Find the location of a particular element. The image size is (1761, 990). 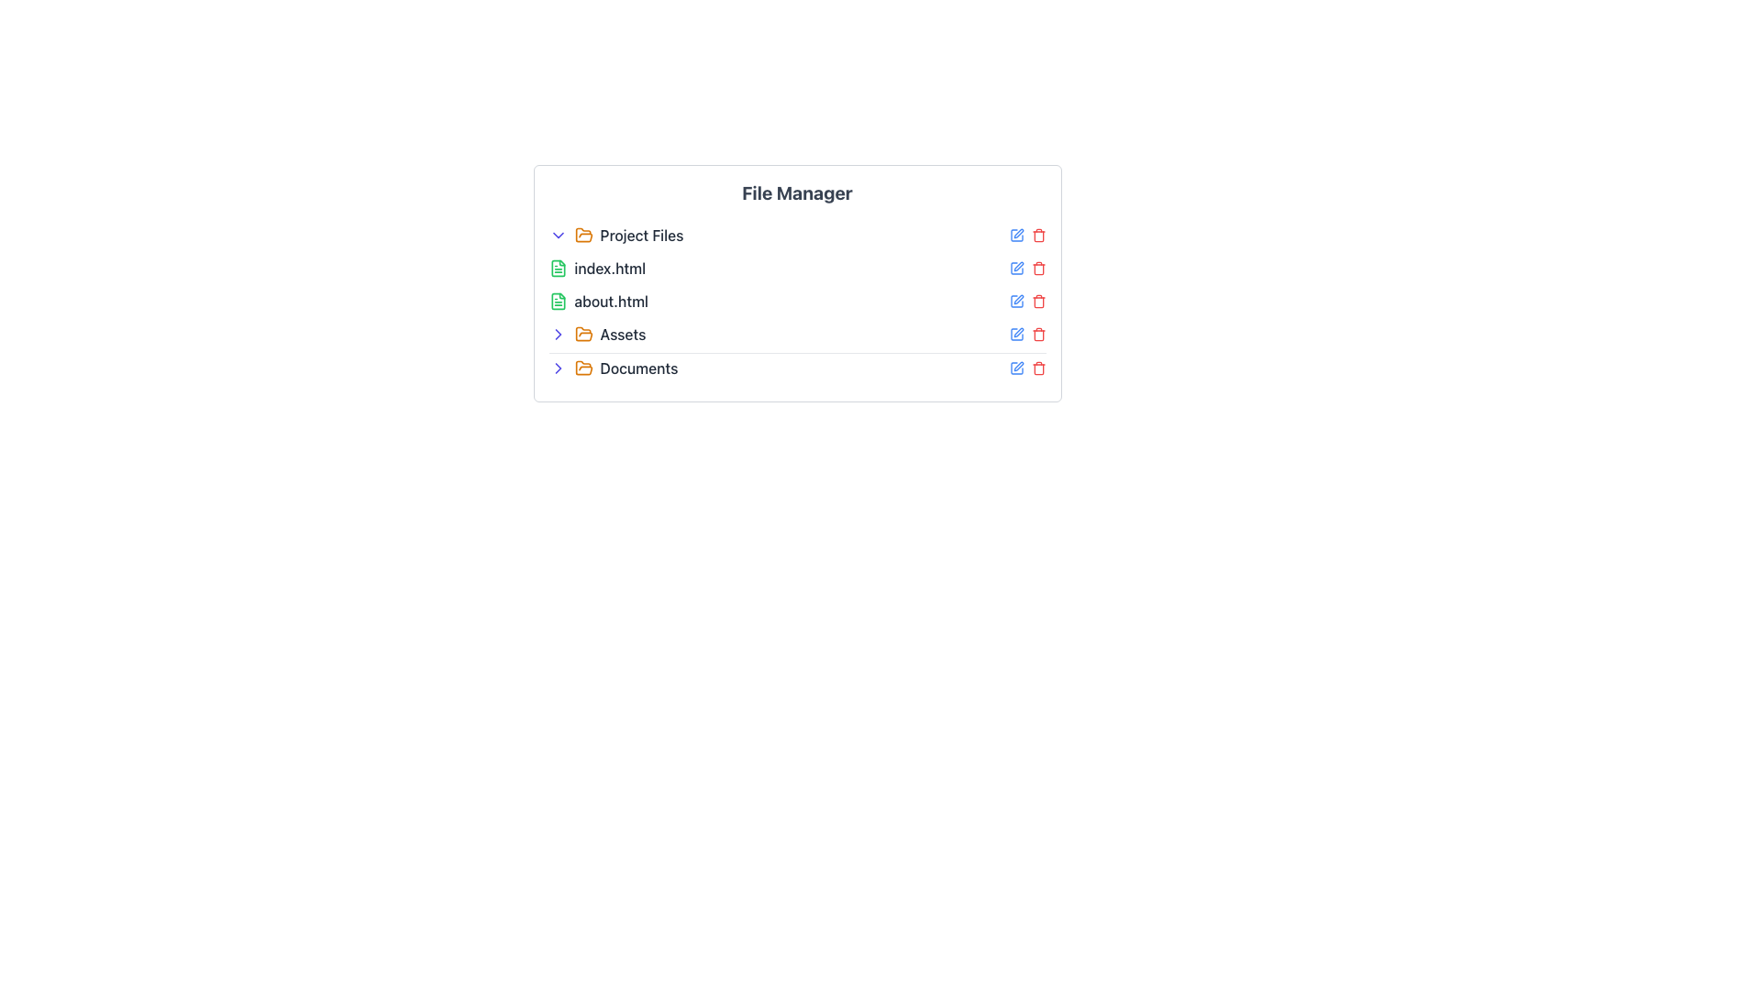

the downward-facing chevron toggle icon located to the left of the 'Project Files' text is located at coordinates (557, 235).